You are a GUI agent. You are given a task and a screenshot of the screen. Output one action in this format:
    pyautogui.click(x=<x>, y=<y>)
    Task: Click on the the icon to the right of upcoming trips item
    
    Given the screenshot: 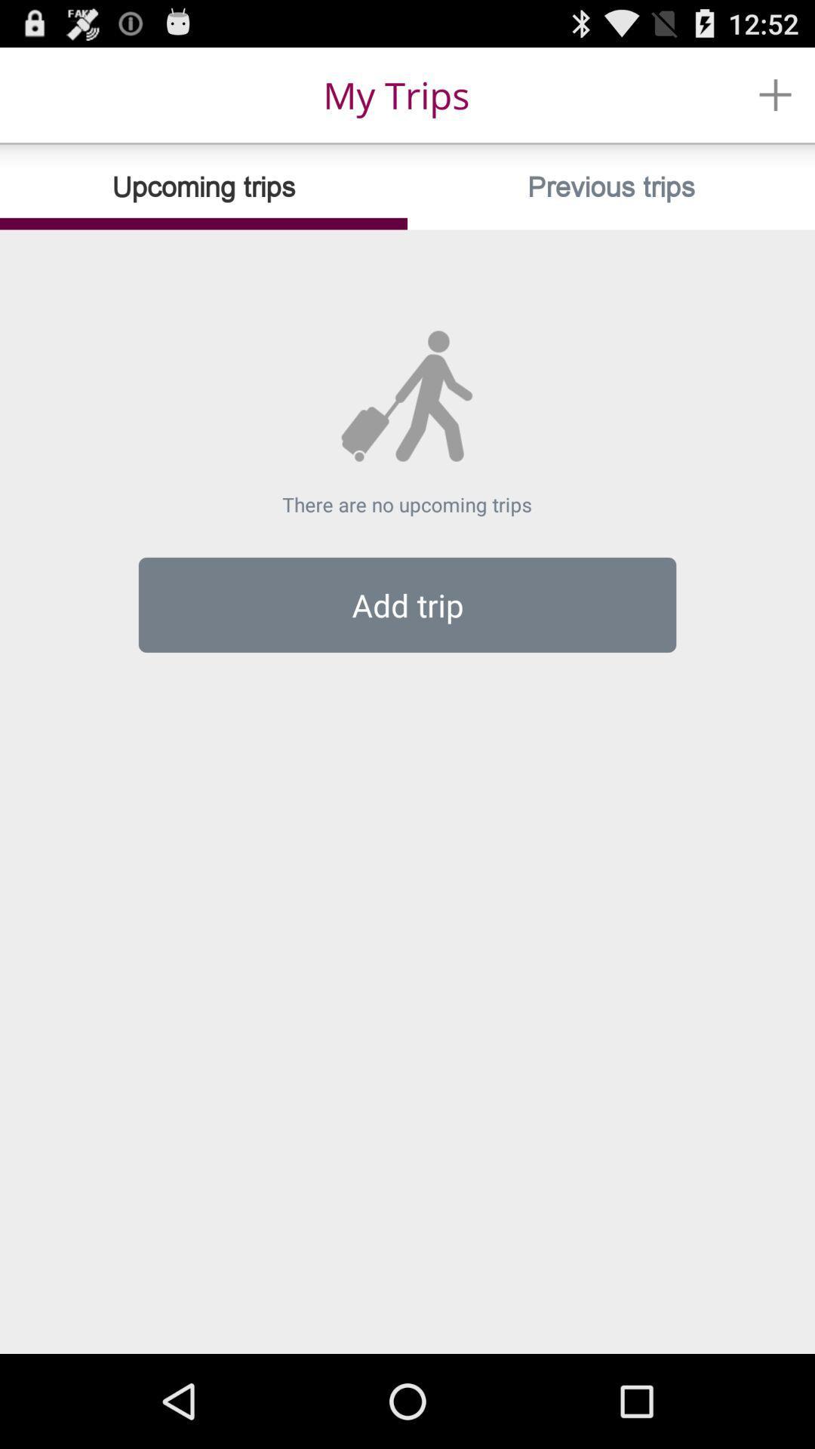 What is the action you would take?
    pyautogui.click(x=611, y=186)
    